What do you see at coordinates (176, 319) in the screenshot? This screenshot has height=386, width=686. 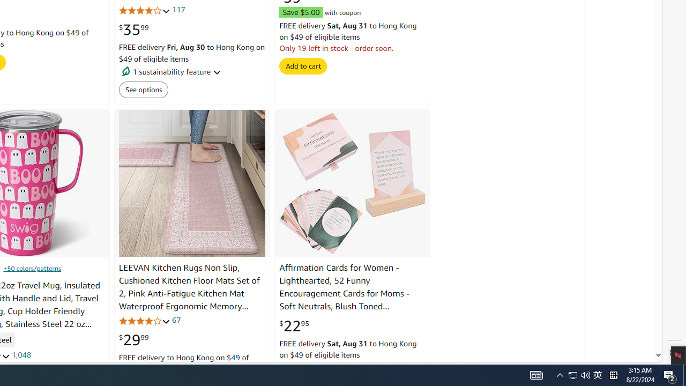 I see `'67'` at bounding box center [176, 319].